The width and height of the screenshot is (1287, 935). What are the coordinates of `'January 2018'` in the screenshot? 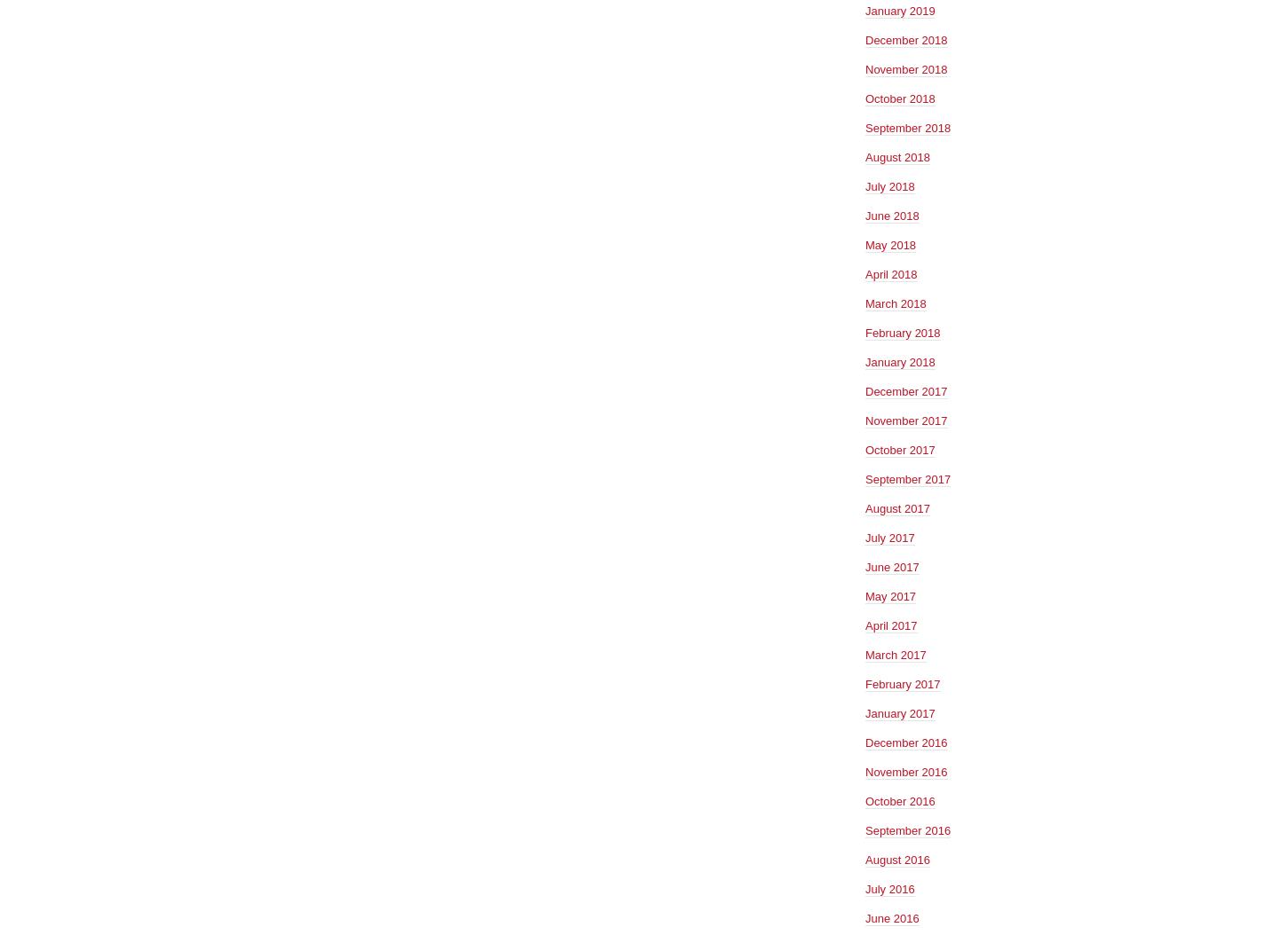 It's located at (865, 360).